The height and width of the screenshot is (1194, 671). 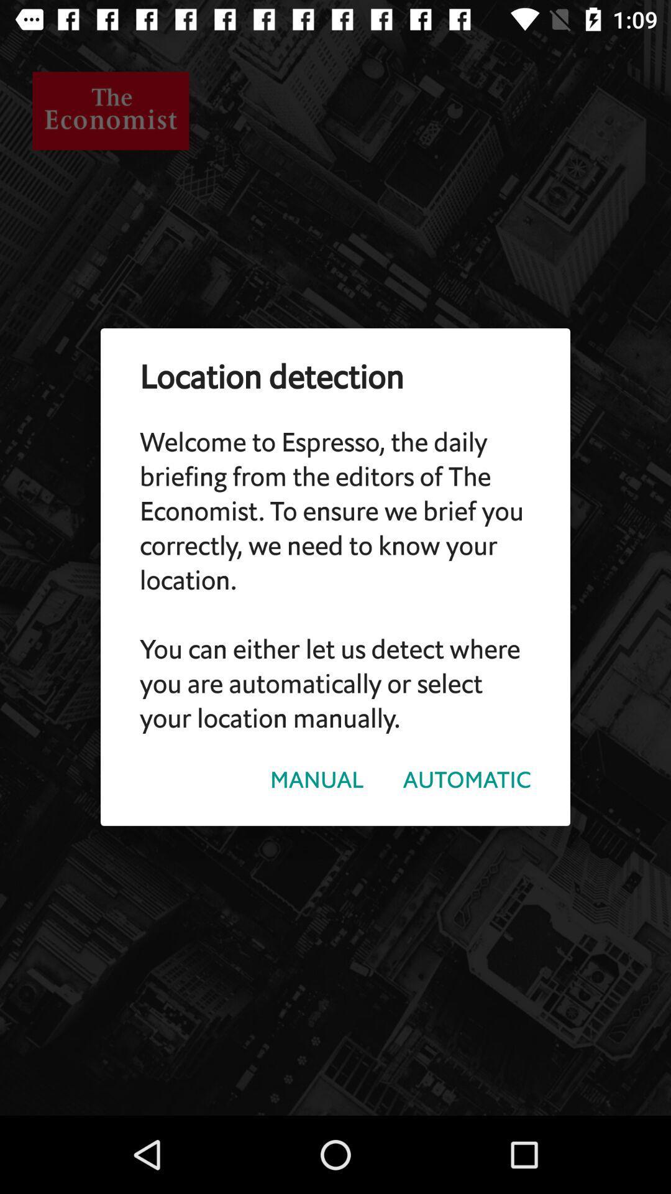 I want to click on button to the left of automatic, so click(x=316, y=779).